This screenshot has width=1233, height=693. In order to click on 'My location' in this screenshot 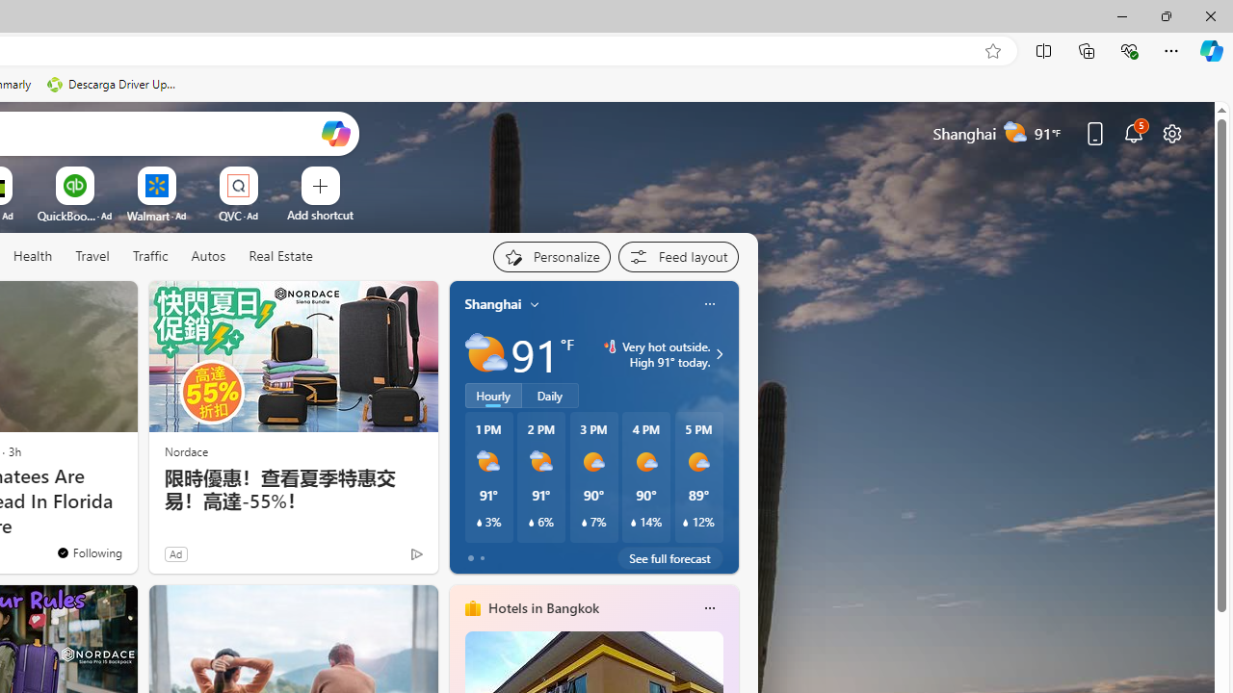, I will do `click(535, 303)`.